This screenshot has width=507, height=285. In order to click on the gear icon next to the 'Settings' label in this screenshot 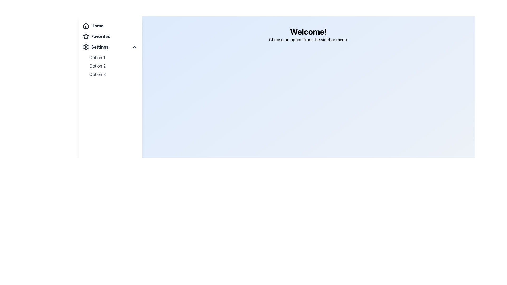, I will do `click(86, 46)`.